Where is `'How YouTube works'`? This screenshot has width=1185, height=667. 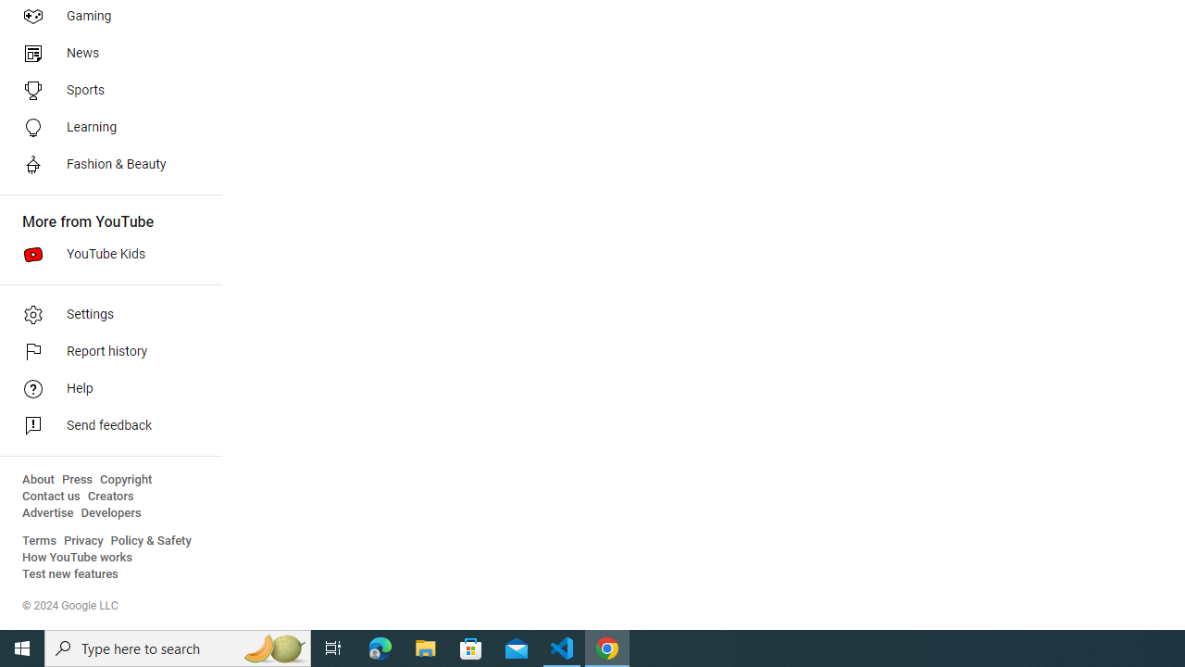
'How YouTube works' is located at coordinates (76, 557).